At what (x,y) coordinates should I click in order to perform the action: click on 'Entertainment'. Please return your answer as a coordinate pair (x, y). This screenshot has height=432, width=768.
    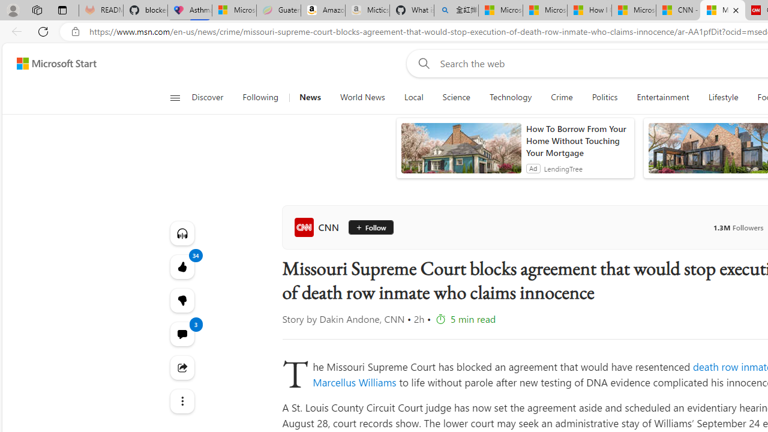
    Looking at the image, I should click on (662, 97).